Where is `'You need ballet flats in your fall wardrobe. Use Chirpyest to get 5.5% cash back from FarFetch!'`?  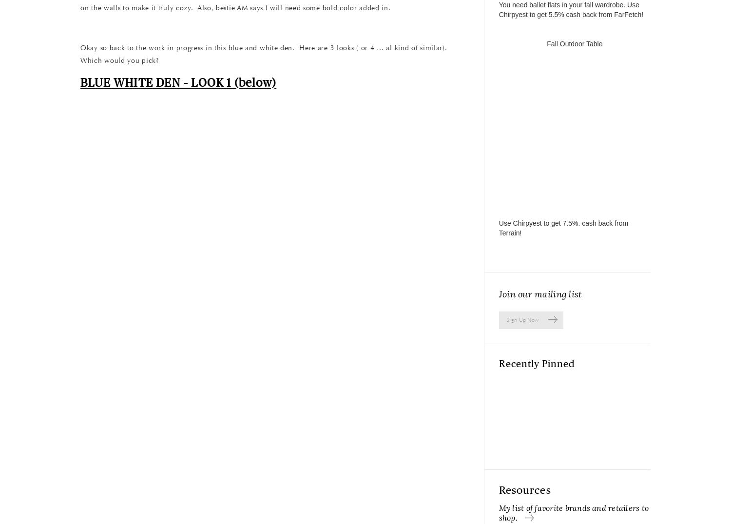 'You need ballet flats in your fall wardrobe. Use Chirpyest to get 5.5% cash back from FarFetch!' is located at coordinates (571, 9).